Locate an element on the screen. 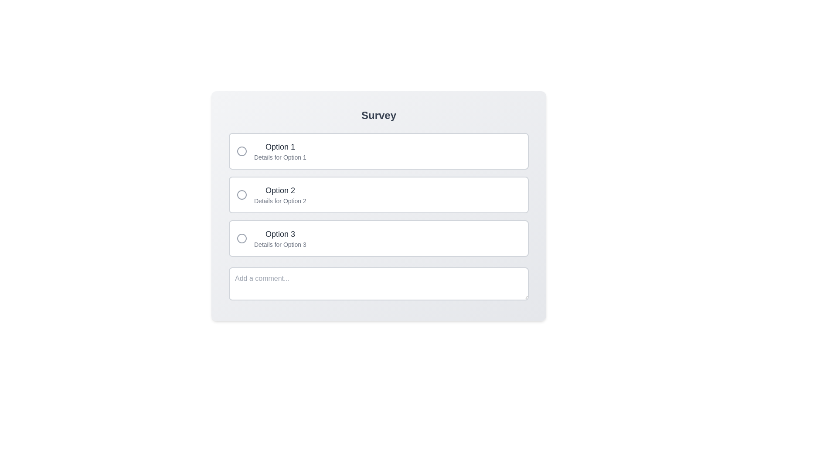  the second inactive radio button in the survey form, which is styled with a muted gray outline and is located between 'Option 1' and 'Option 3' is located at coordinates (242, 195).